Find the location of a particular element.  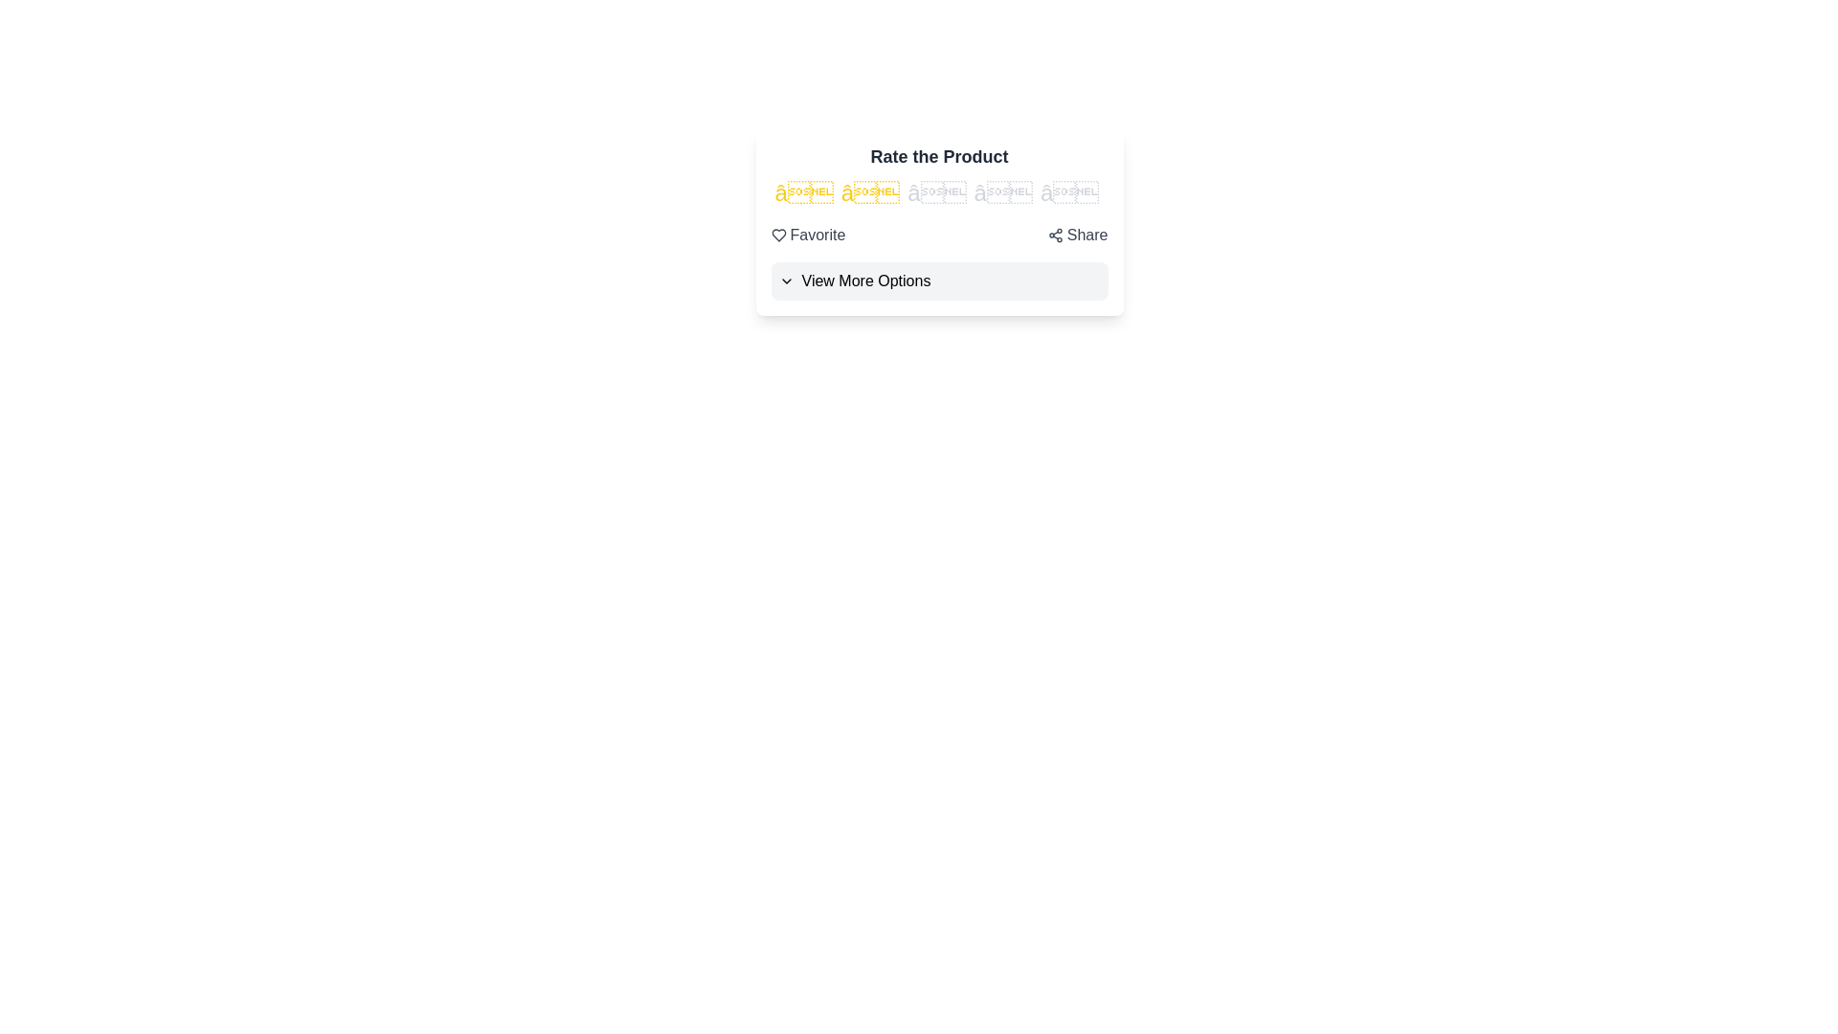

the rating to 3 stars by clicking on the corresponding star is located at coordinates (936, 192).